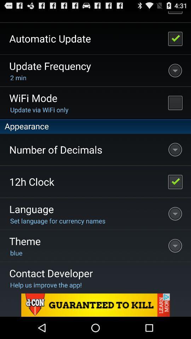  I want to click on another site, so click(95, 305).